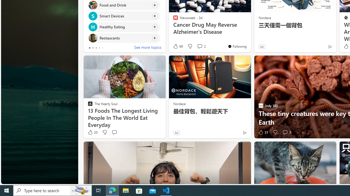 The width and height of the screenshot is (350, 196). I want to click on 'tab-0', so click(89, 48).